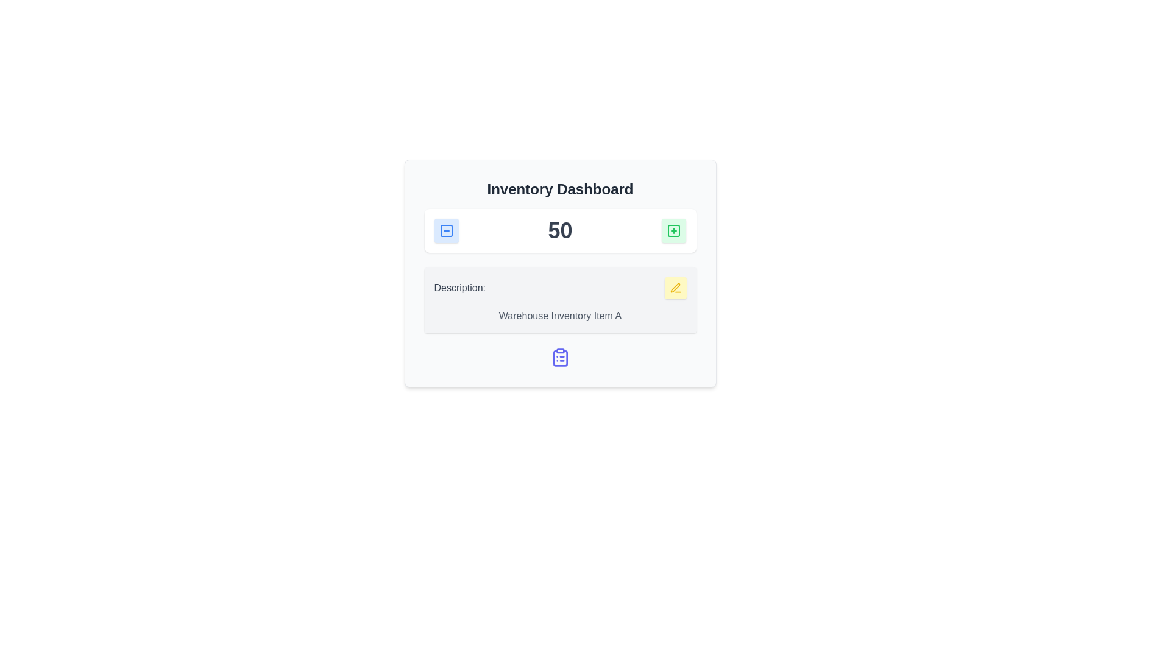 This screenshot has height=658, width=1170. I want to click on the inner square of the 'add' icon, which is a Decorative SVG element located, so click(673, 230).